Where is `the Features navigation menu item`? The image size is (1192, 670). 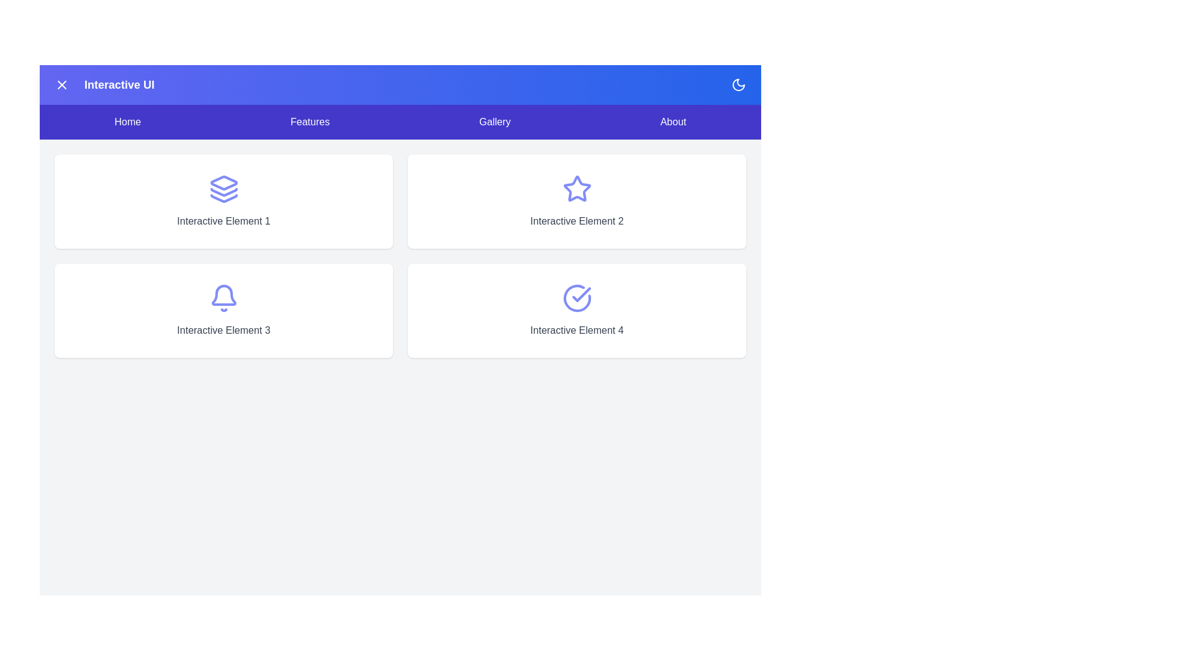 the Features navigation menu item is located at coordinates (310, 122).